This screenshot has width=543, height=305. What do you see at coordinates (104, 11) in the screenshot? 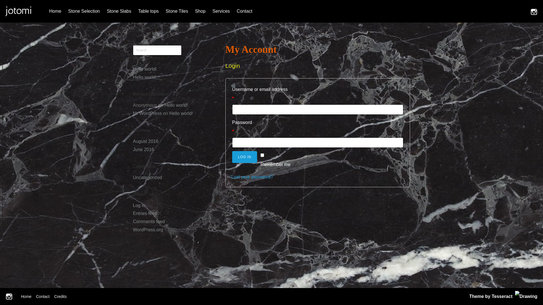
I see `'Stone Slabs'` at bounding box center [104, 11].